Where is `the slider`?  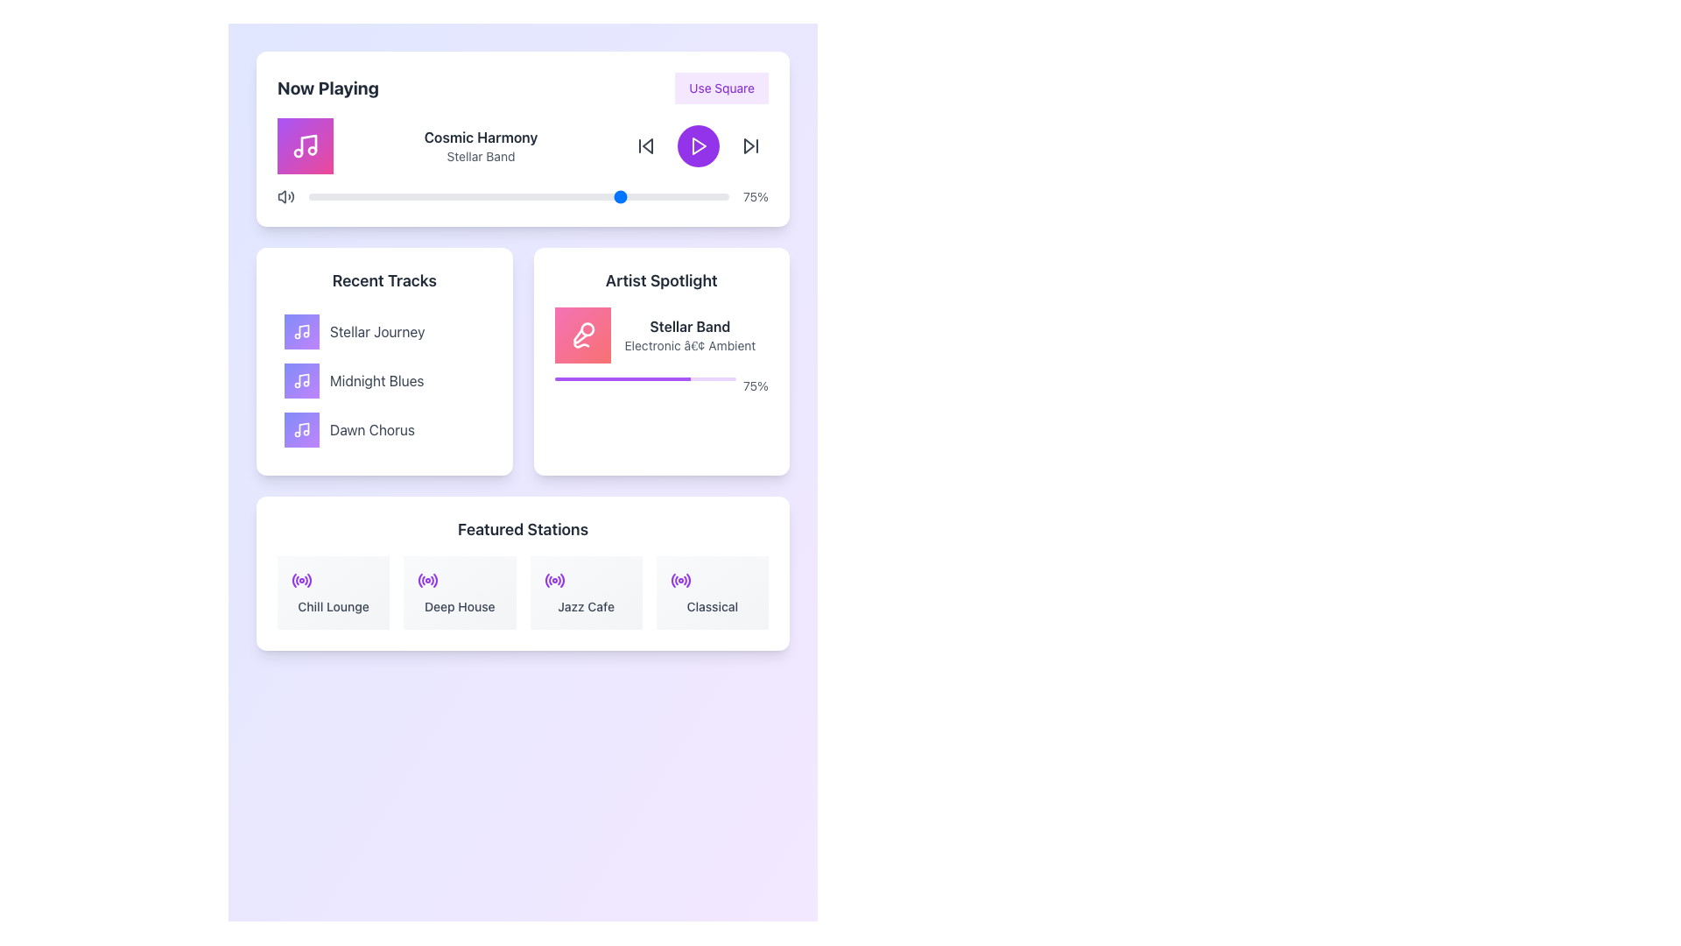
the slider is located at coordinates (473, 196).